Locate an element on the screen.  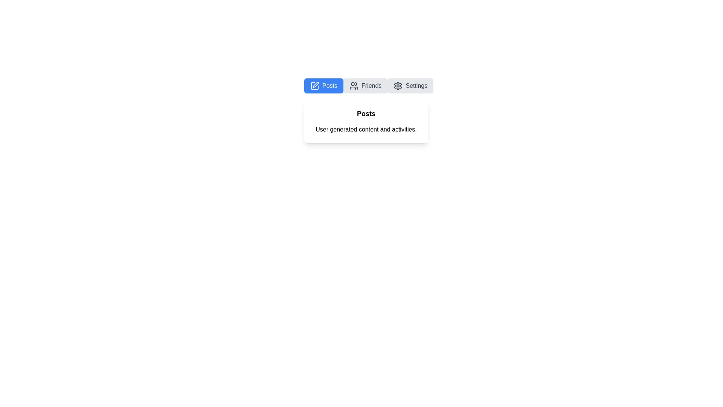
the Settings tab by clicking on its button is located at coordinates (410, 85).